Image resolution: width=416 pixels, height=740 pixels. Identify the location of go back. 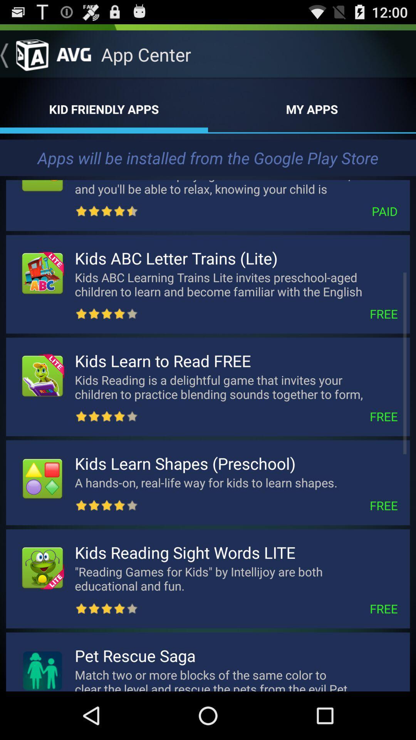
(23, 54).